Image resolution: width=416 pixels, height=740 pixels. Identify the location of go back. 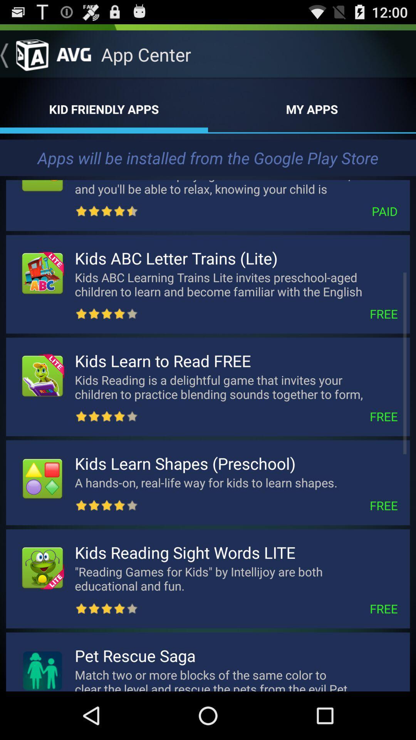
(23, 54).